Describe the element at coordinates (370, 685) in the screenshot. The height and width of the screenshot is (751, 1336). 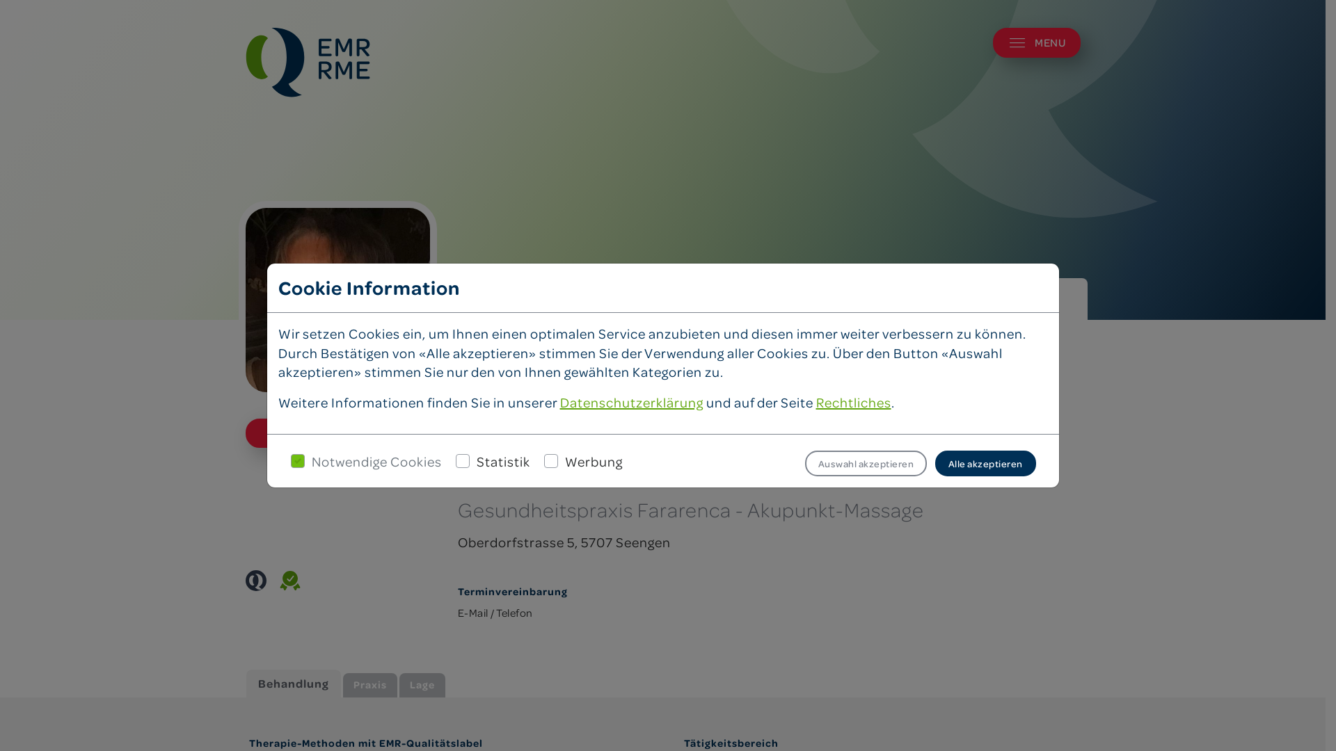
I see `'Praxis'` at that location.